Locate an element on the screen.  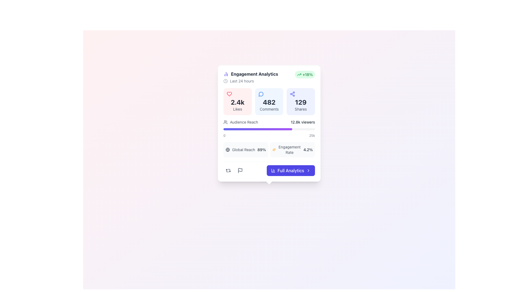
the refresh button located in the lower-left corner of the card is located at coordinates (228, 171).